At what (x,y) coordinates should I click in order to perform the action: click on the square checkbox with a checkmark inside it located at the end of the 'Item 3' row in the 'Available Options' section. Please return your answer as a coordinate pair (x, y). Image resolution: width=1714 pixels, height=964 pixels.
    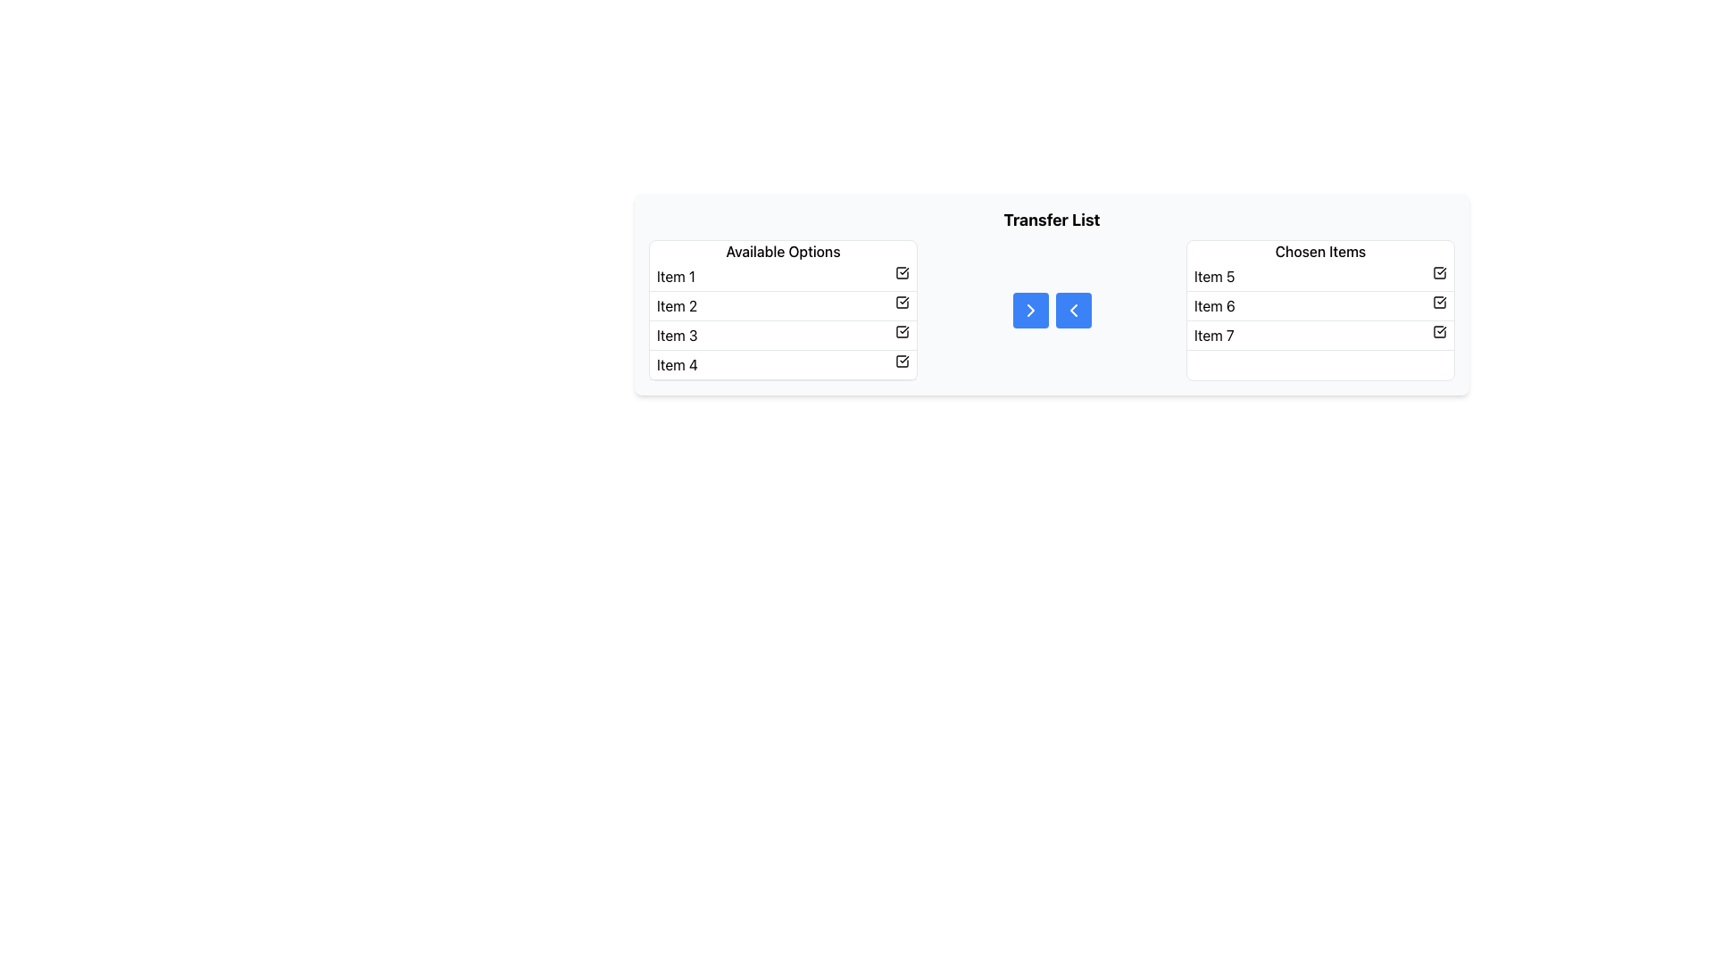
    Looking at the image, I should click on (903, 331).